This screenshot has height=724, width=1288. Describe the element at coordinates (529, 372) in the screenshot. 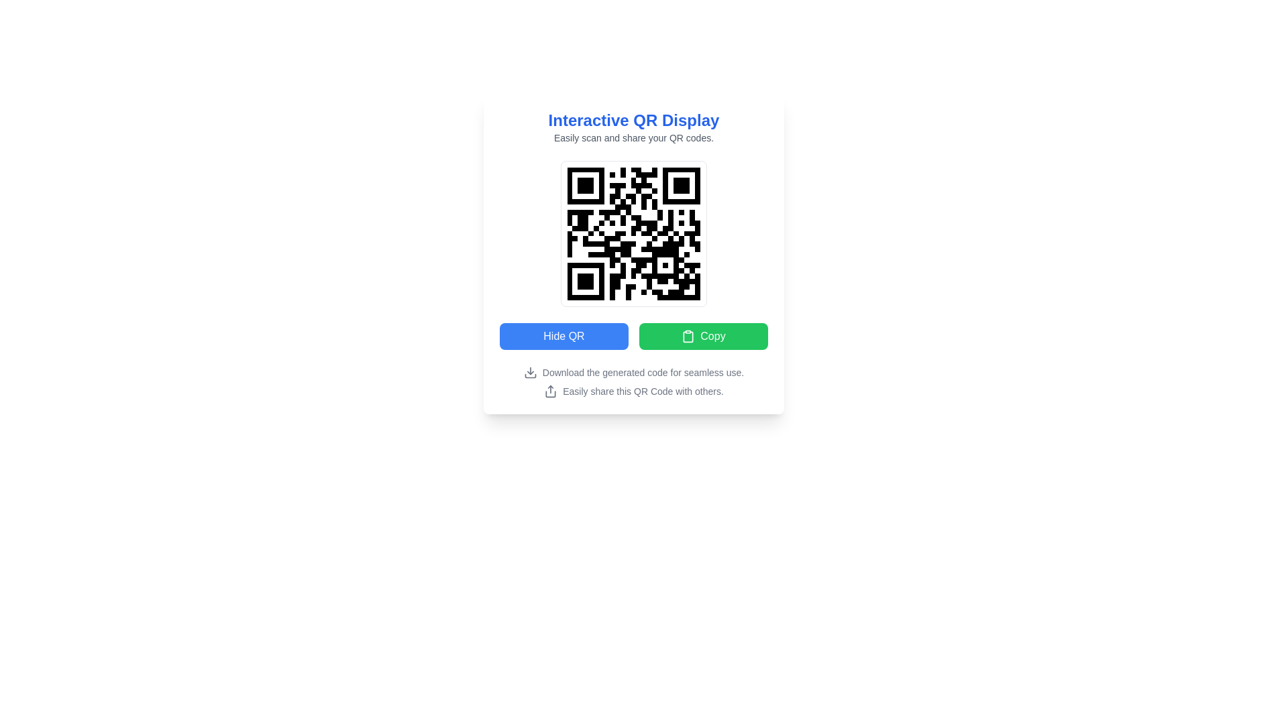

I see `the download icon which visually represents the action of downloading, located near the text instructing users to 'Download the generated code for seamless use.'` at that location.